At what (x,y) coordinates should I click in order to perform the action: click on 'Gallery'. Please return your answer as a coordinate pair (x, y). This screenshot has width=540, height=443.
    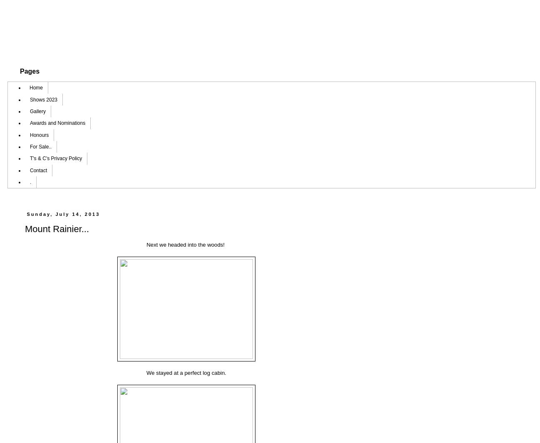
    Looking at the image, I should click on (37, 110).